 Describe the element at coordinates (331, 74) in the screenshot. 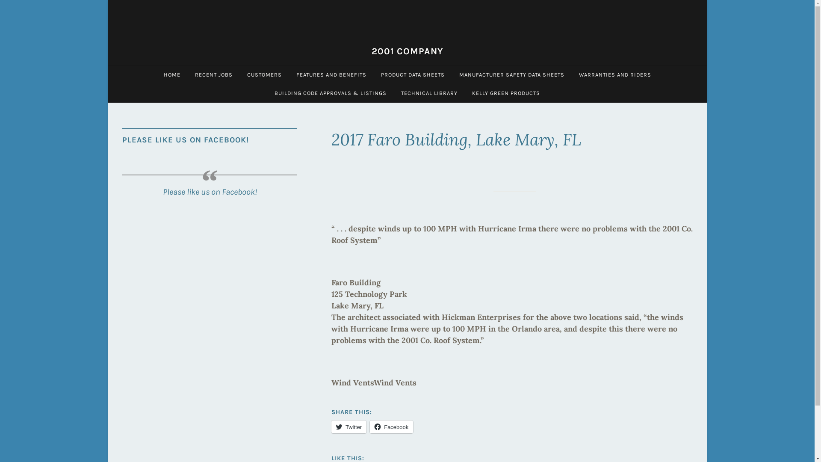

I see `'FEATURES AND BENEFITS'` at that location.